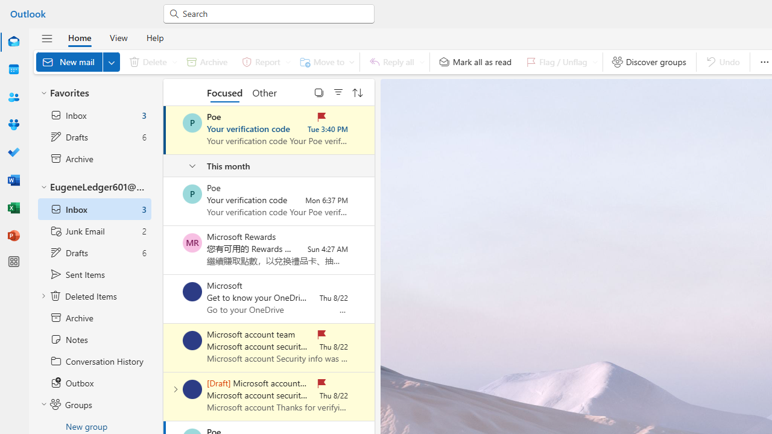  What do you see at coordinates (14, 207) in the screenshot?
I see `'Excel'` at bounding box center [14, 207].